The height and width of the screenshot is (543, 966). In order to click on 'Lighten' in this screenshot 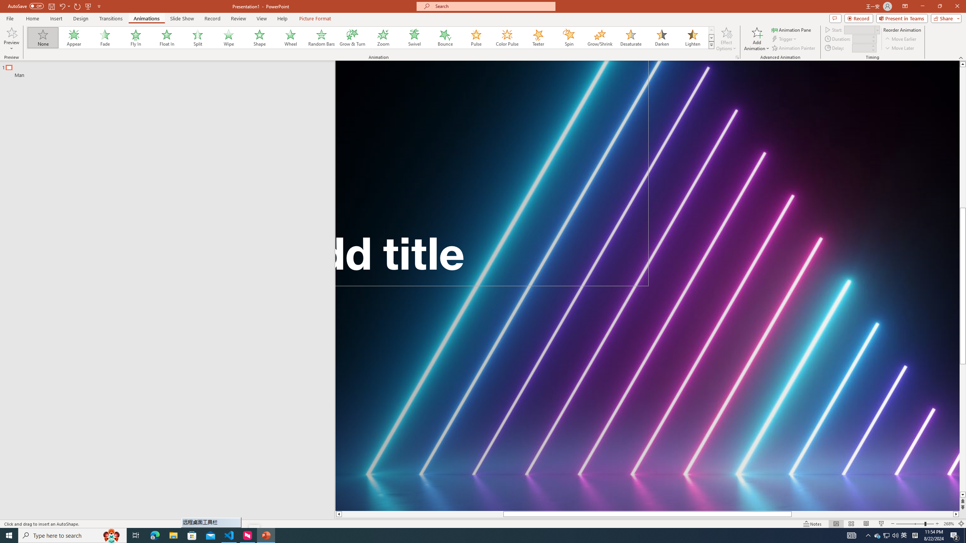, I will do `click(692, 37)`.